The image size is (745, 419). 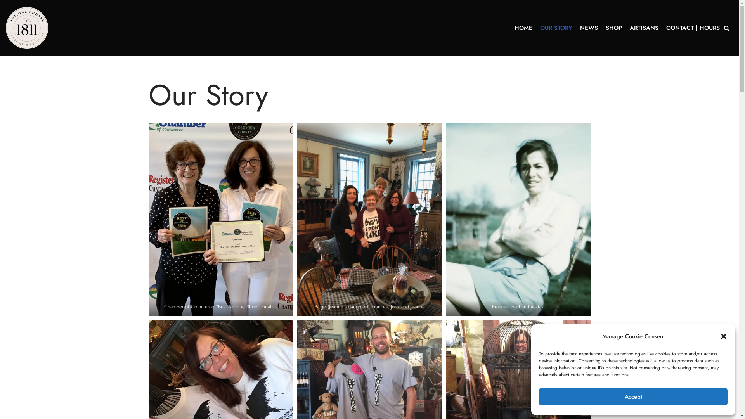 I want to click on 'NEWS', so click(x=589, y=28).